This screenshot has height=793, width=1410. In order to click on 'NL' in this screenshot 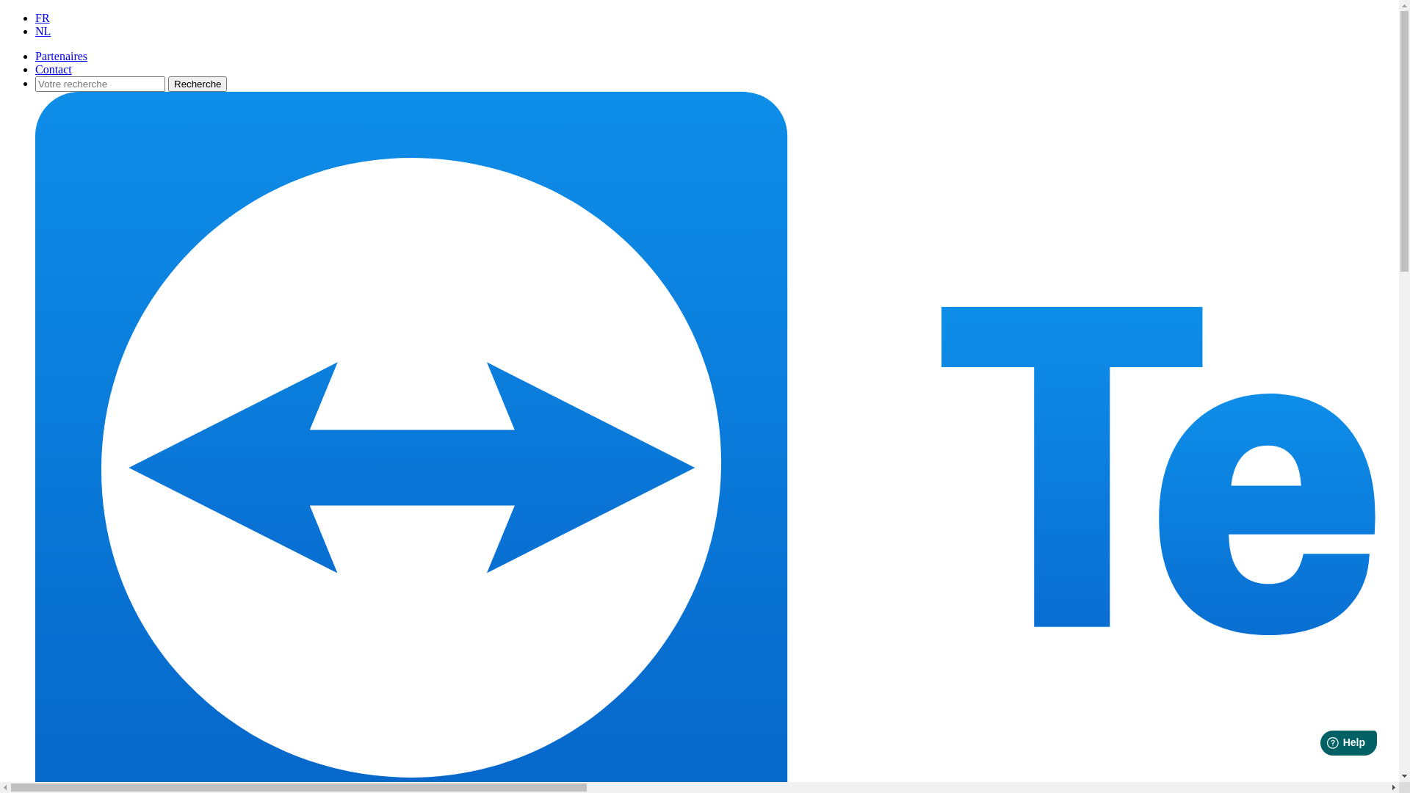, I will do `click(43, 31)`.